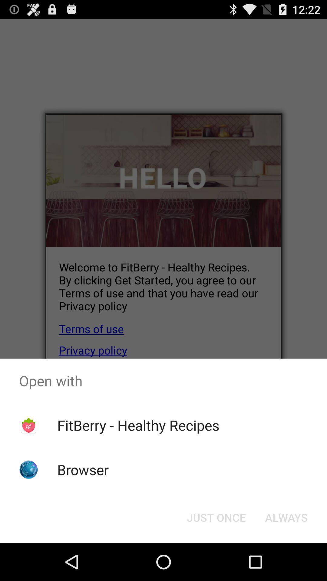  What do you see at coordinates (216, 517) in the screenshot?
I see `icon next to always button` at bounding box center [216, 517].